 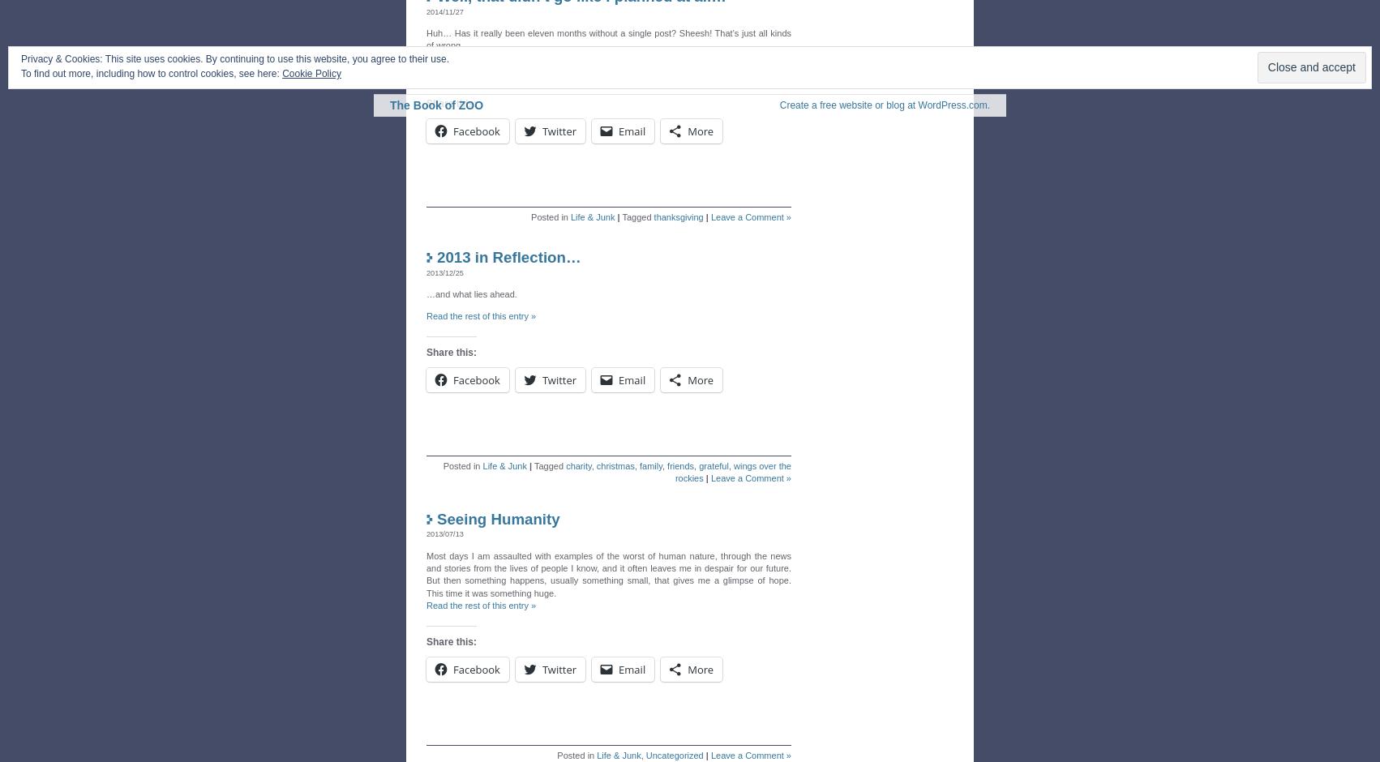 I want to click on 'friends', so click(x=679, y=464).